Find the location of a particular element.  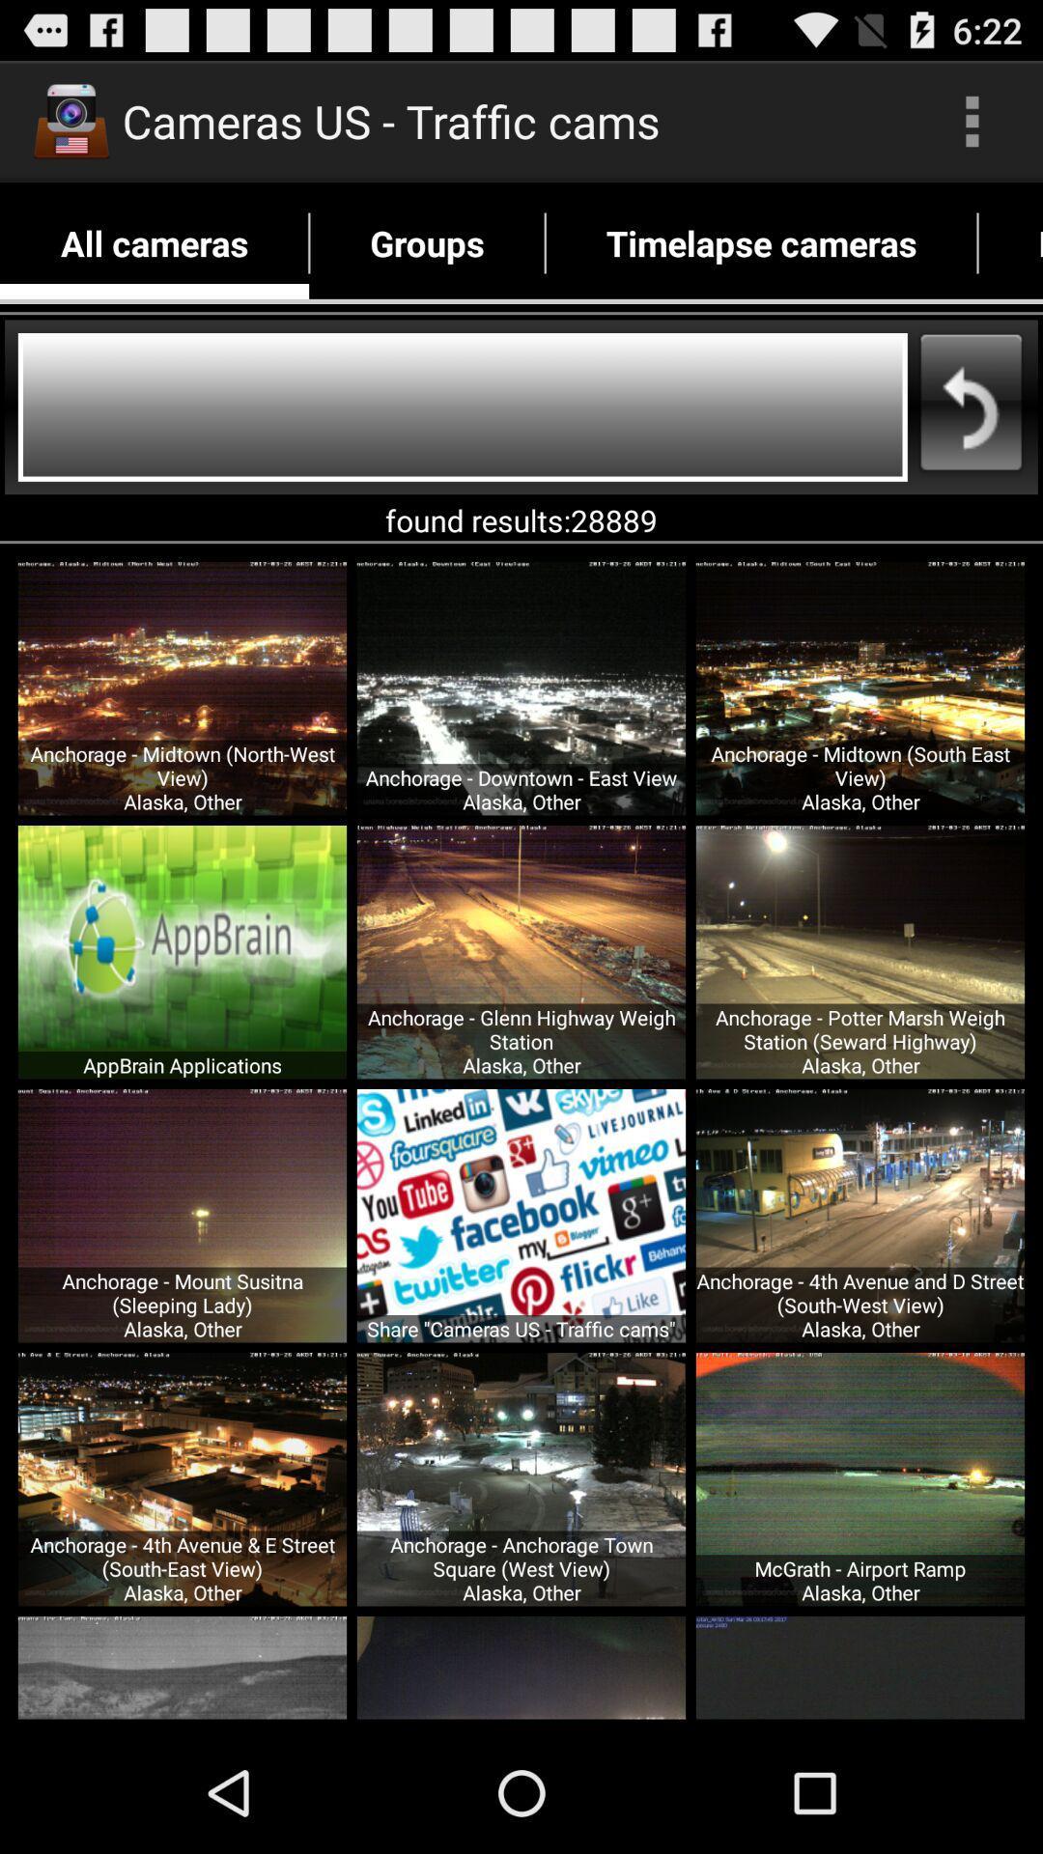

the app next to timelapse cameras item is located at coordinates (1009, 242).